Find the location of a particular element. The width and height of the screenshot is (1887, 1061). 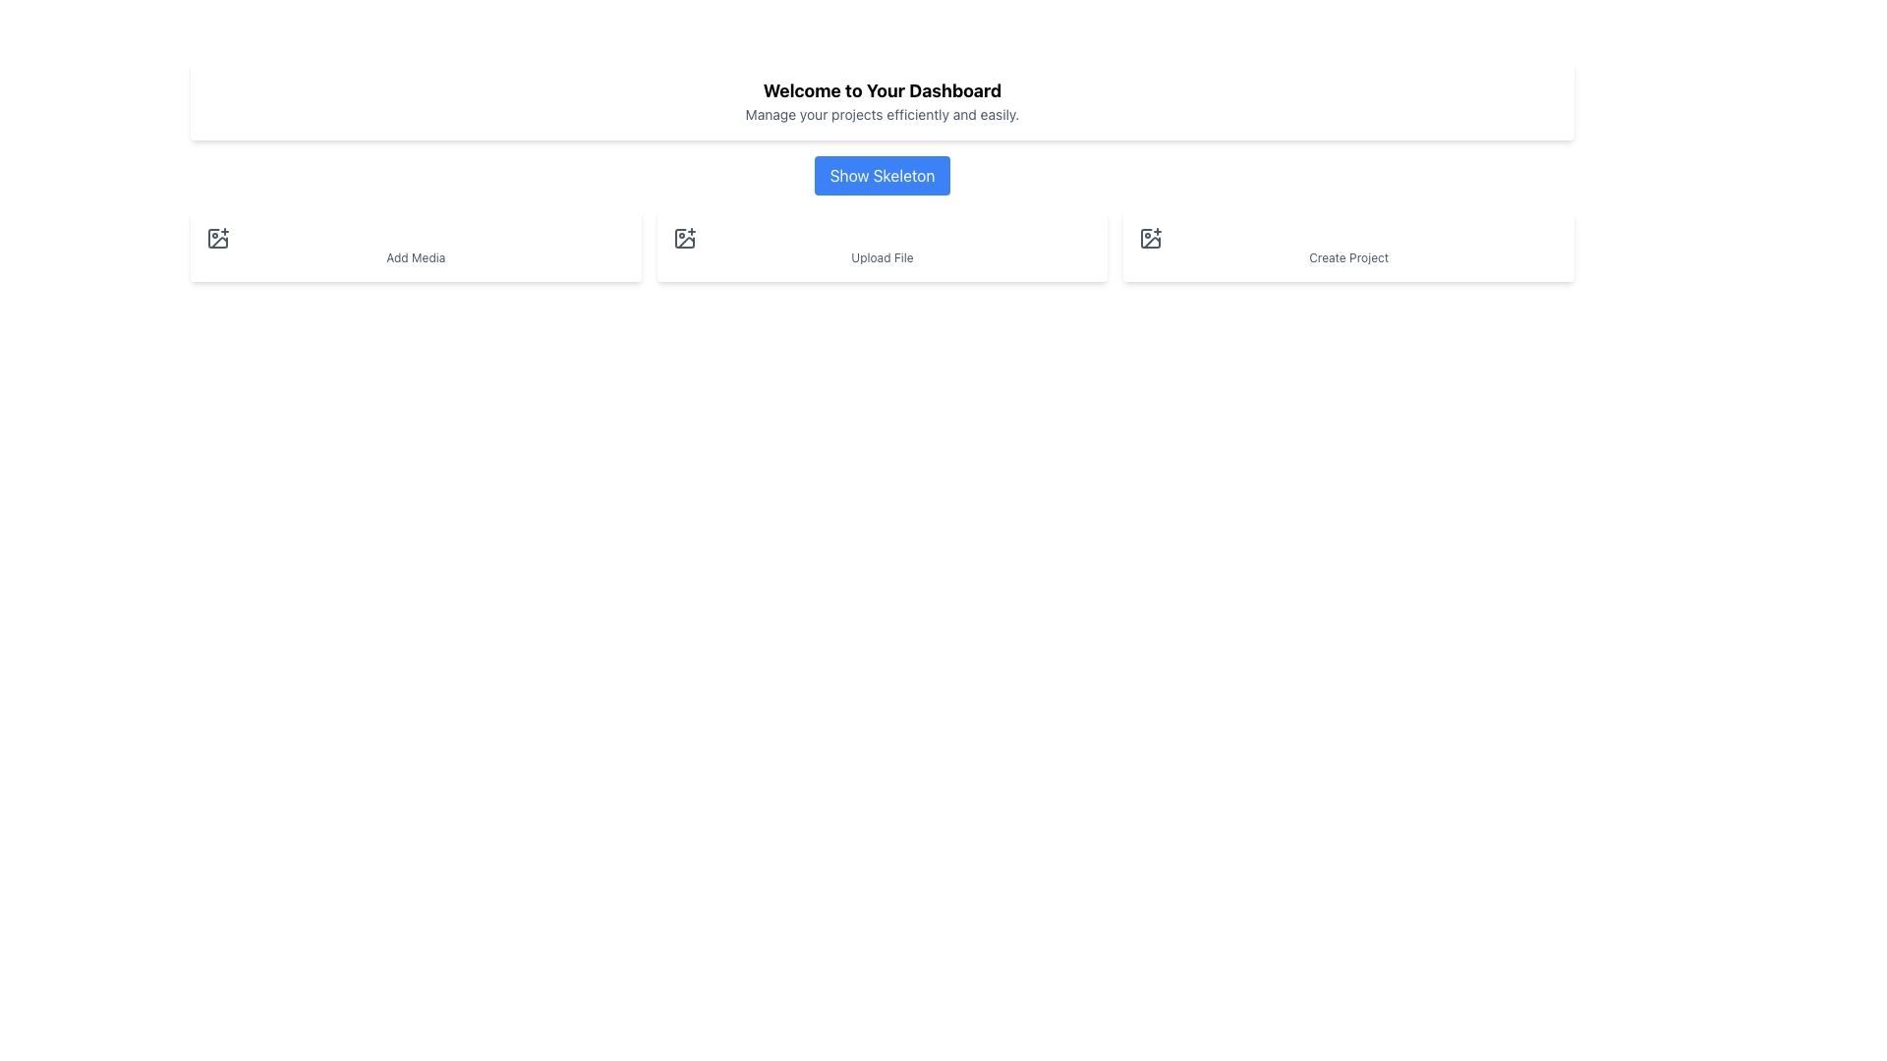

the text element that reads 'Manage your projects efficiently and easily,' which is styled in small gray typography and located beneath the 'Welcome to Your Dashboard' title is located at coordinates (881, 114).